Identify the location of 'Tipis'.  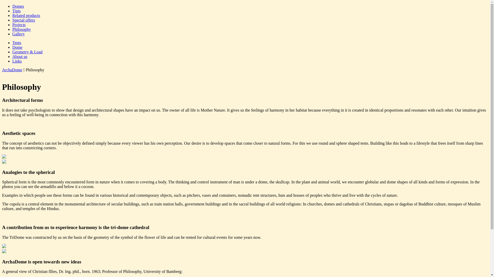
(16, 11).